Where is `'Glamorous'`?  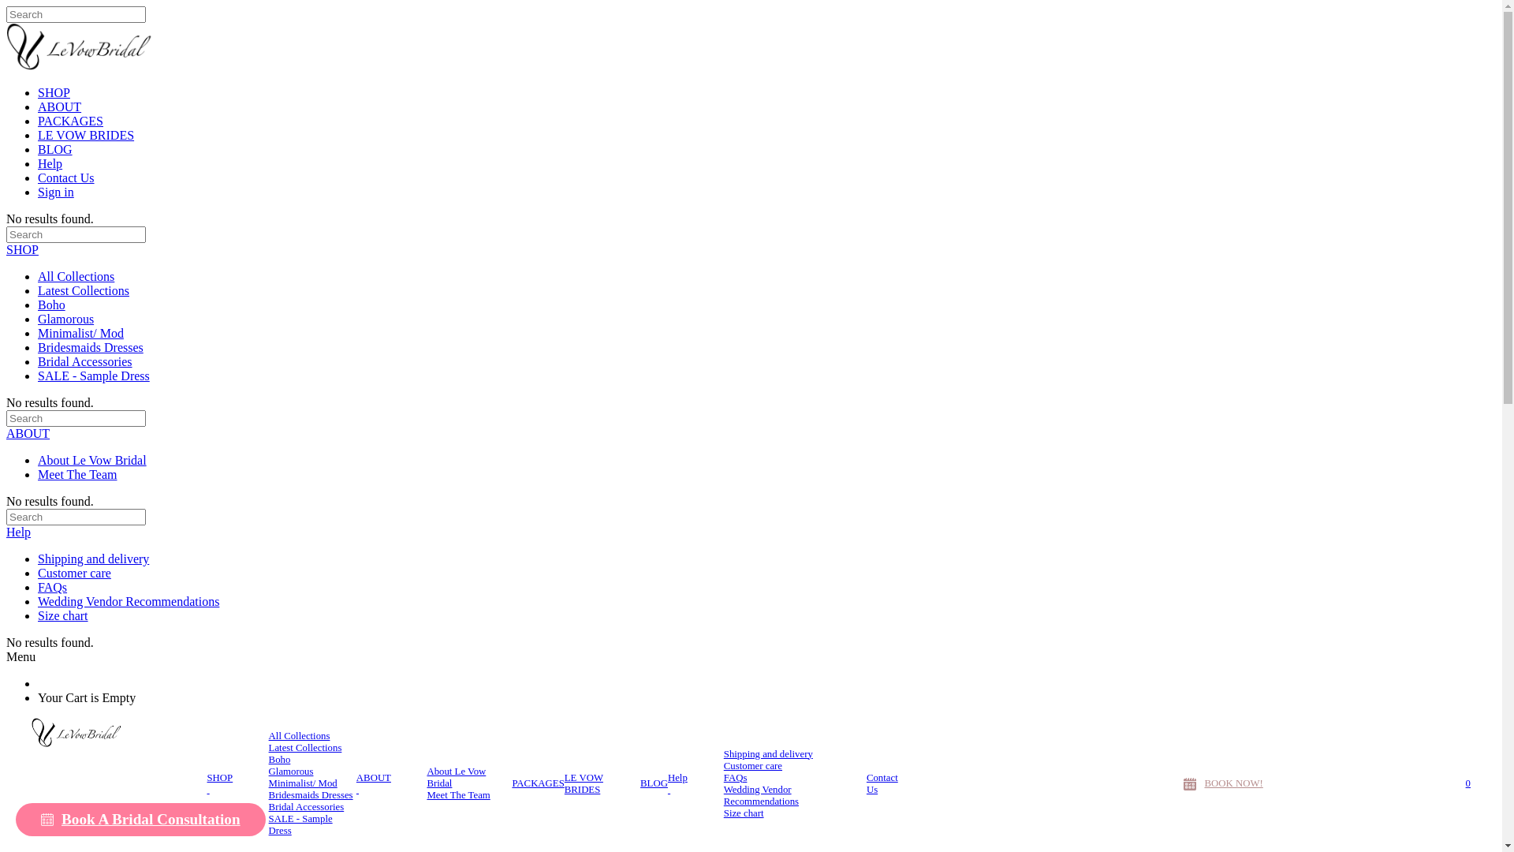
'Glamorous' is located at coordinates (268, 771).